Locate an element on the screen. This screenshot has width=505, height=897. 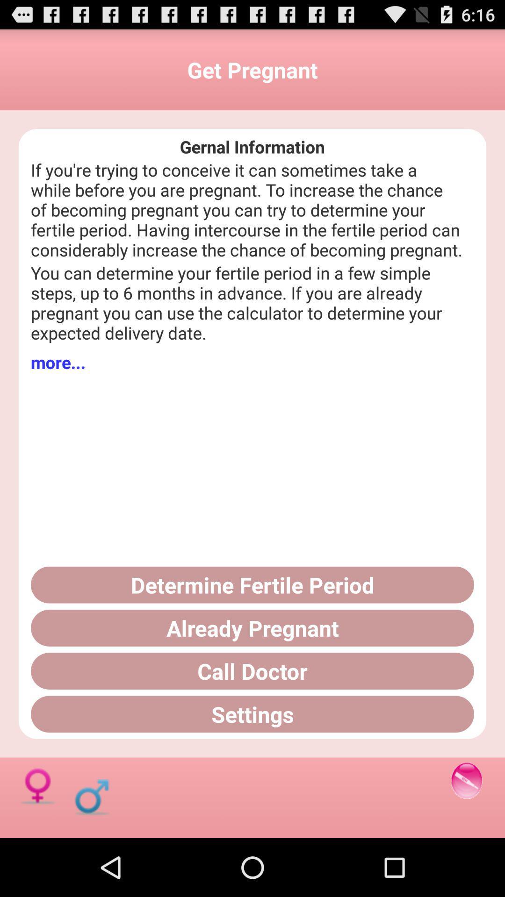
the call doctor button is located at coordinates (252, 670).